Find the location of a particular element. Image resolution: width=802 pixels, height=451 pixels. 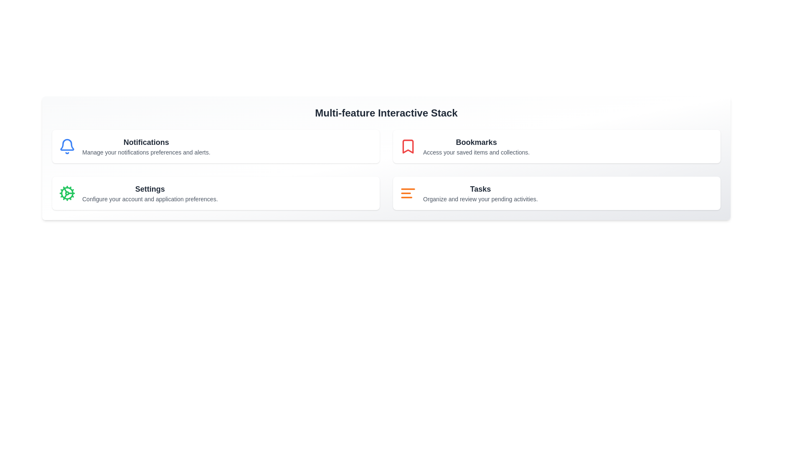

the 'Bookmarks' icon located in the top-right area of the interface, which visually represents the 'Bookmarks' section and is positioned to the left of the 'Bookmarks' title and description text is located at coordinates (408, 146).